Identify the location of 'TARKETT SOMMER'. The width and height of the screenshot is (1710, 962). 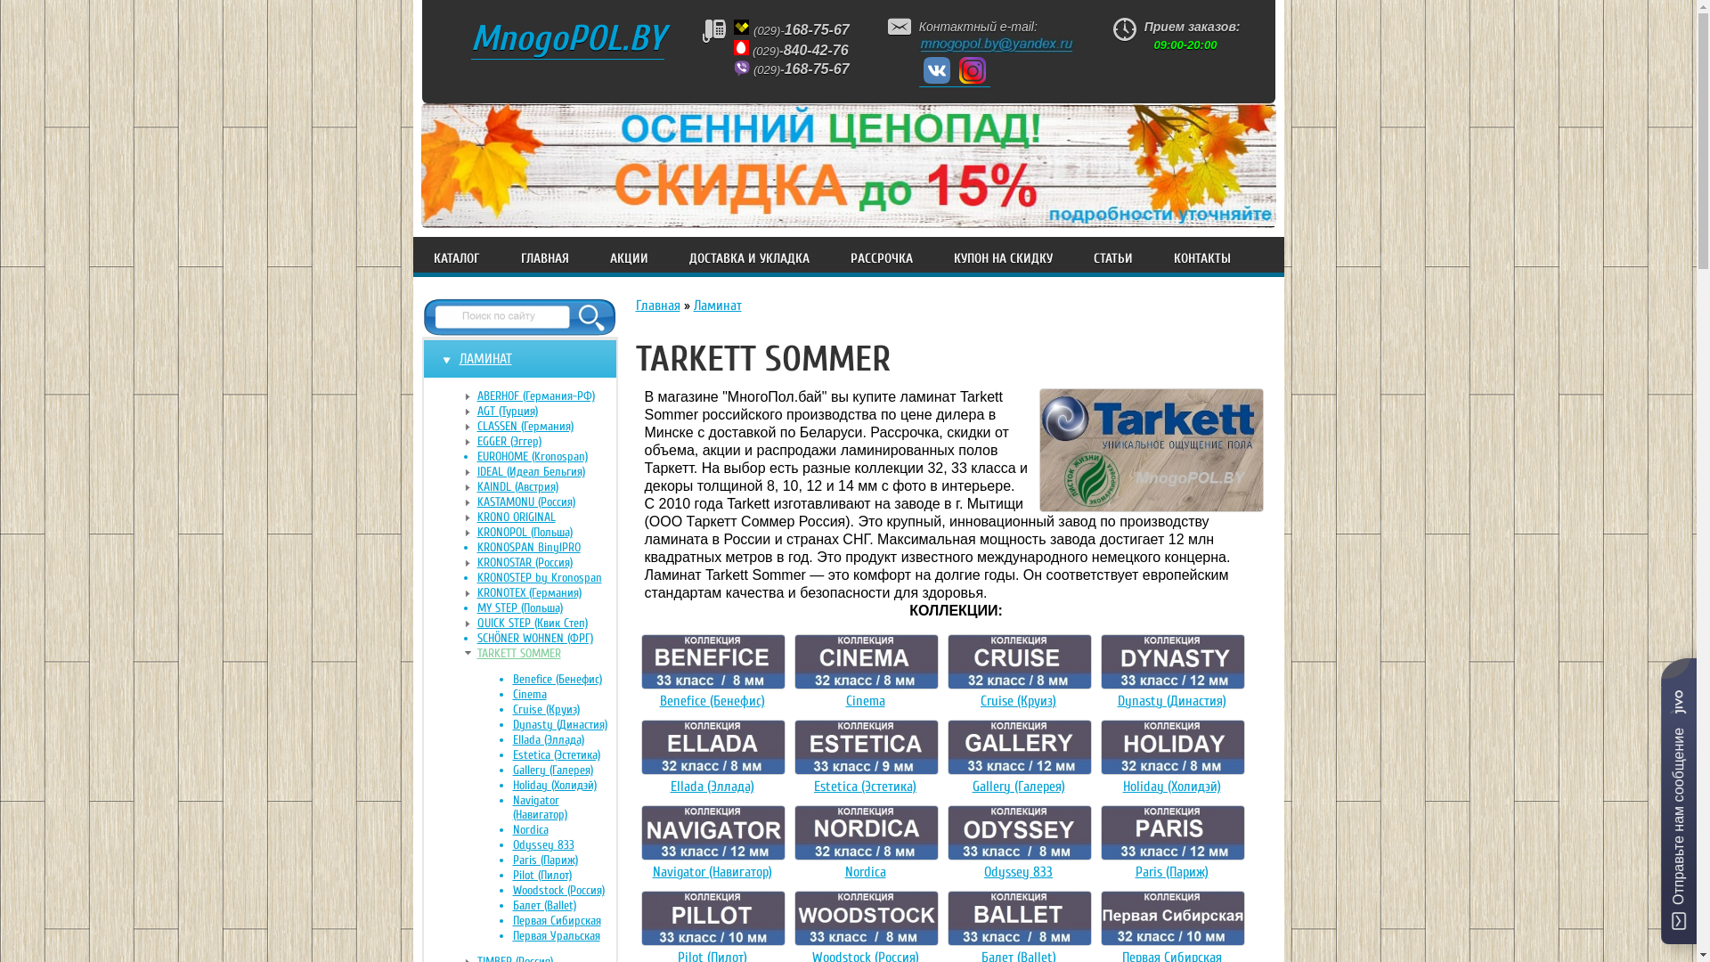
(546, 653).